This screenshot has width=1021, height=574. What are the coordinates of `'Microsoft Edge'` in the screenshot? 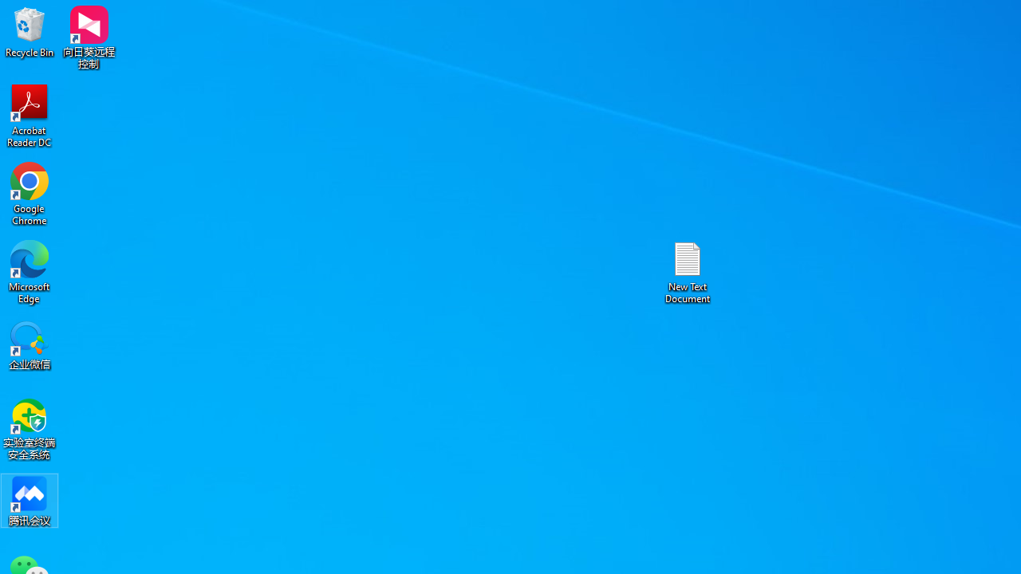 It's located at (30, 271).